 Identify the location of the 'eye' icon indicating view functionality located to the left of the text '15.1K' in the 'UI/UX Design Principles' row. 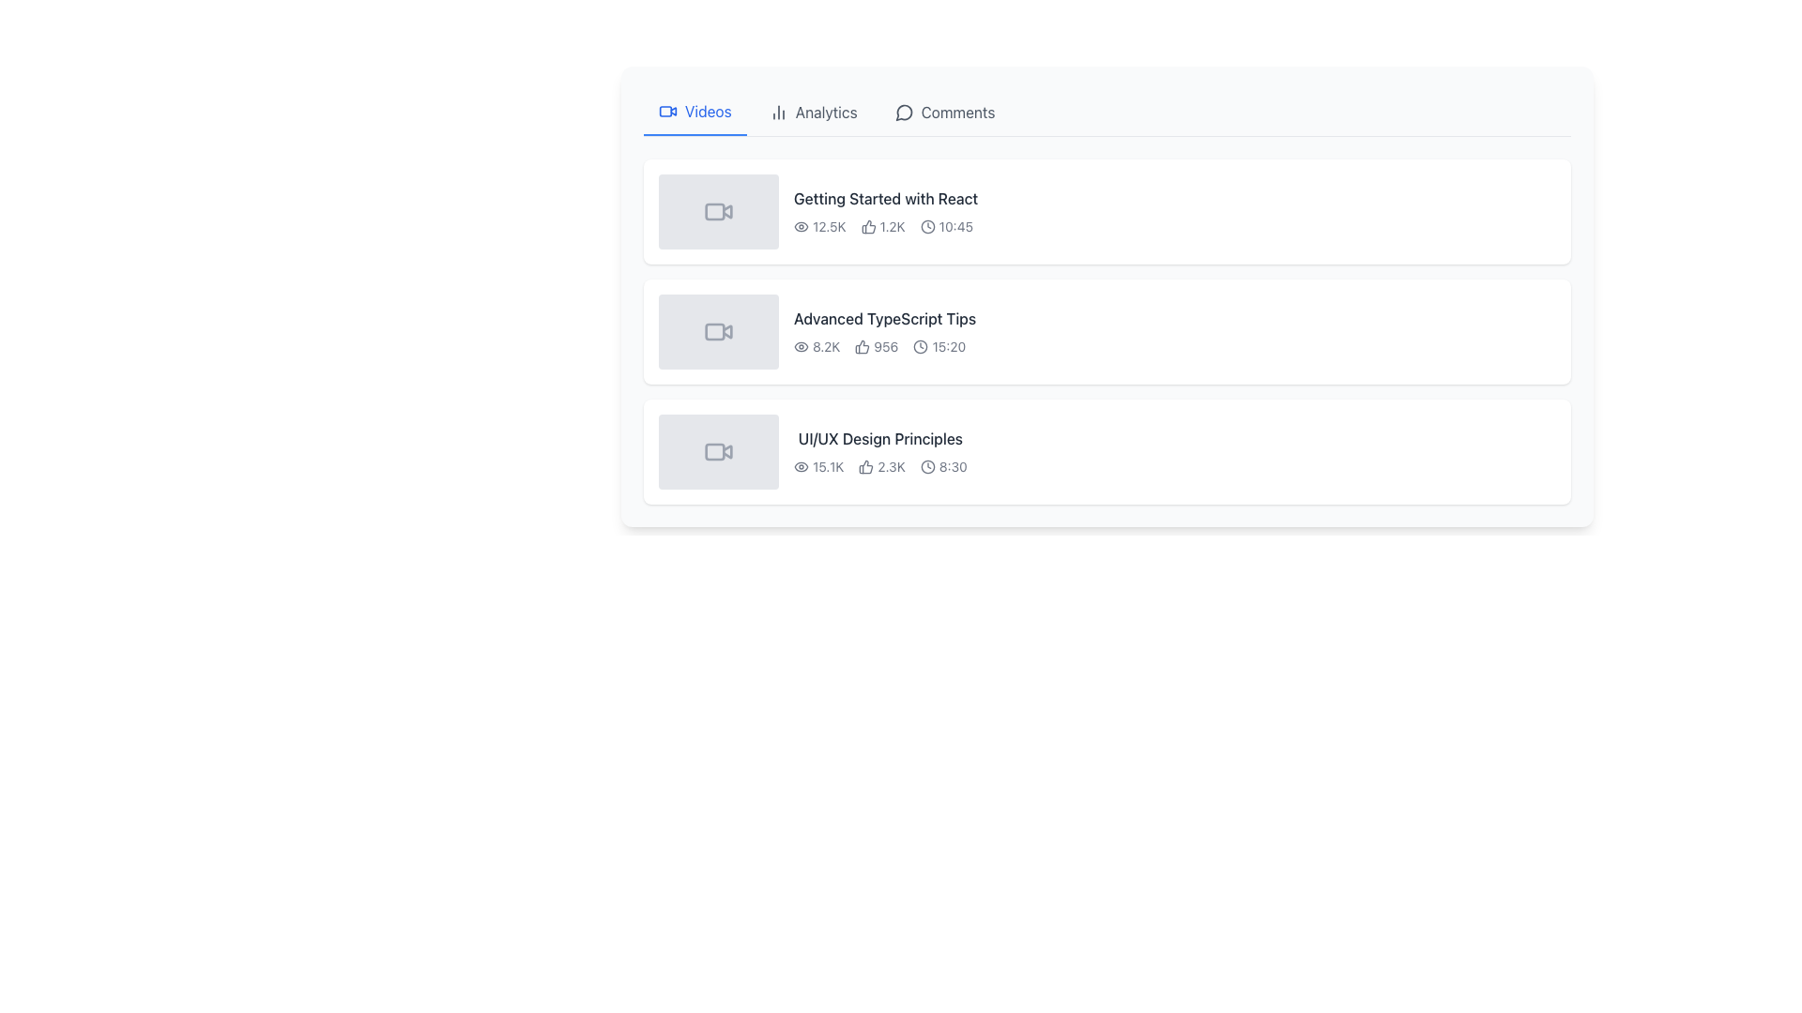
(802, 465).